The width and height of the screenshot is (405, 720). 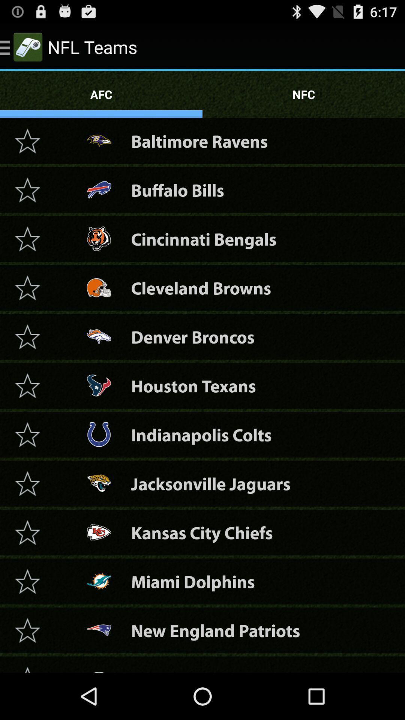 What do you see at coordinates (27, 190) in the screenshot?
I see `to favorits` at bounding box center [27, 190].